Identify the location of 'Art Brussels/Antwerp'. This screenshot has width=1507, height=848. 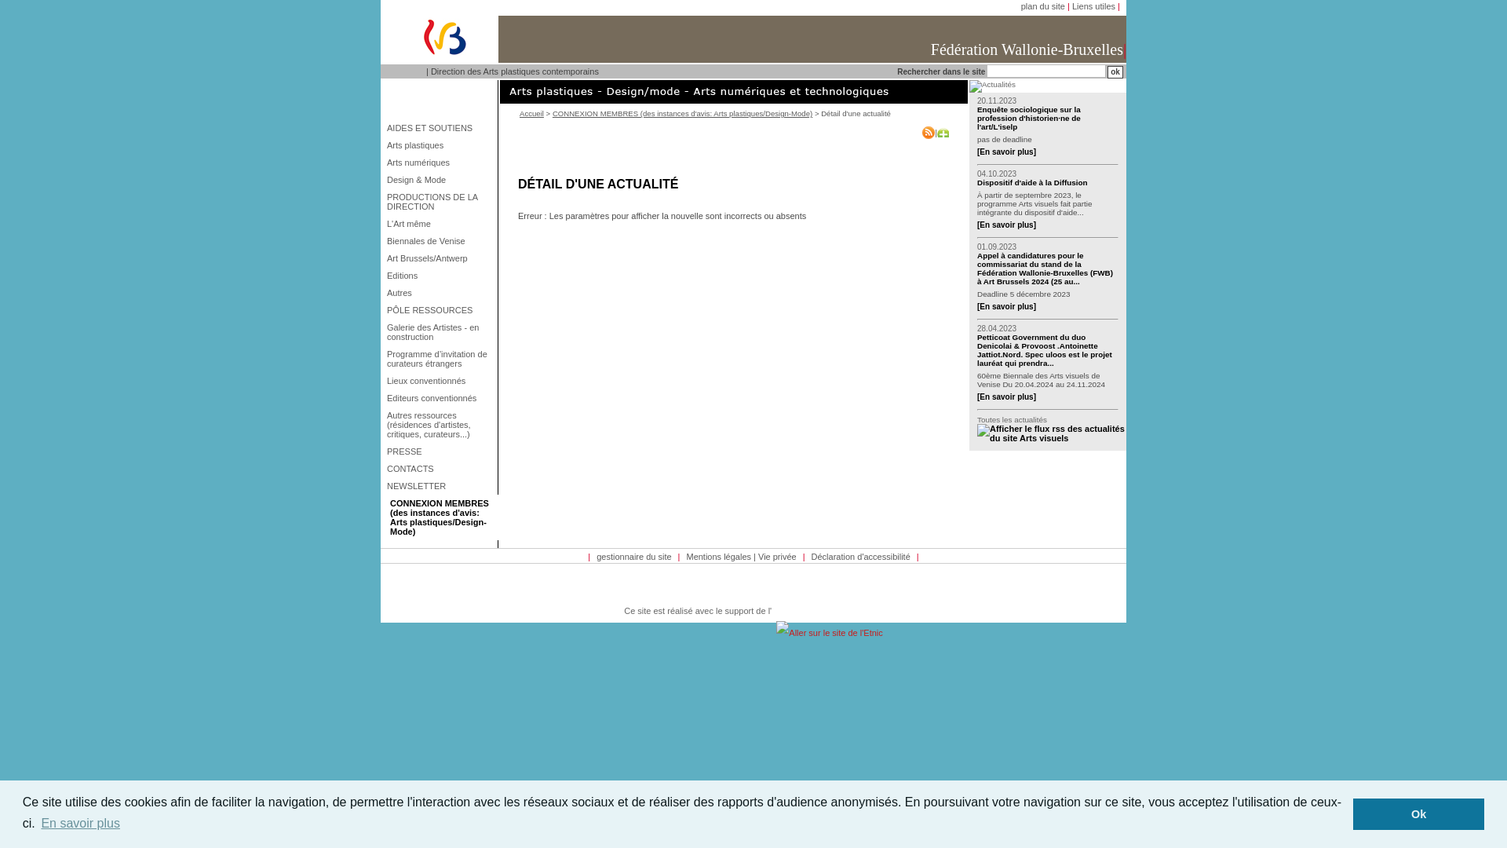
(440, 257).